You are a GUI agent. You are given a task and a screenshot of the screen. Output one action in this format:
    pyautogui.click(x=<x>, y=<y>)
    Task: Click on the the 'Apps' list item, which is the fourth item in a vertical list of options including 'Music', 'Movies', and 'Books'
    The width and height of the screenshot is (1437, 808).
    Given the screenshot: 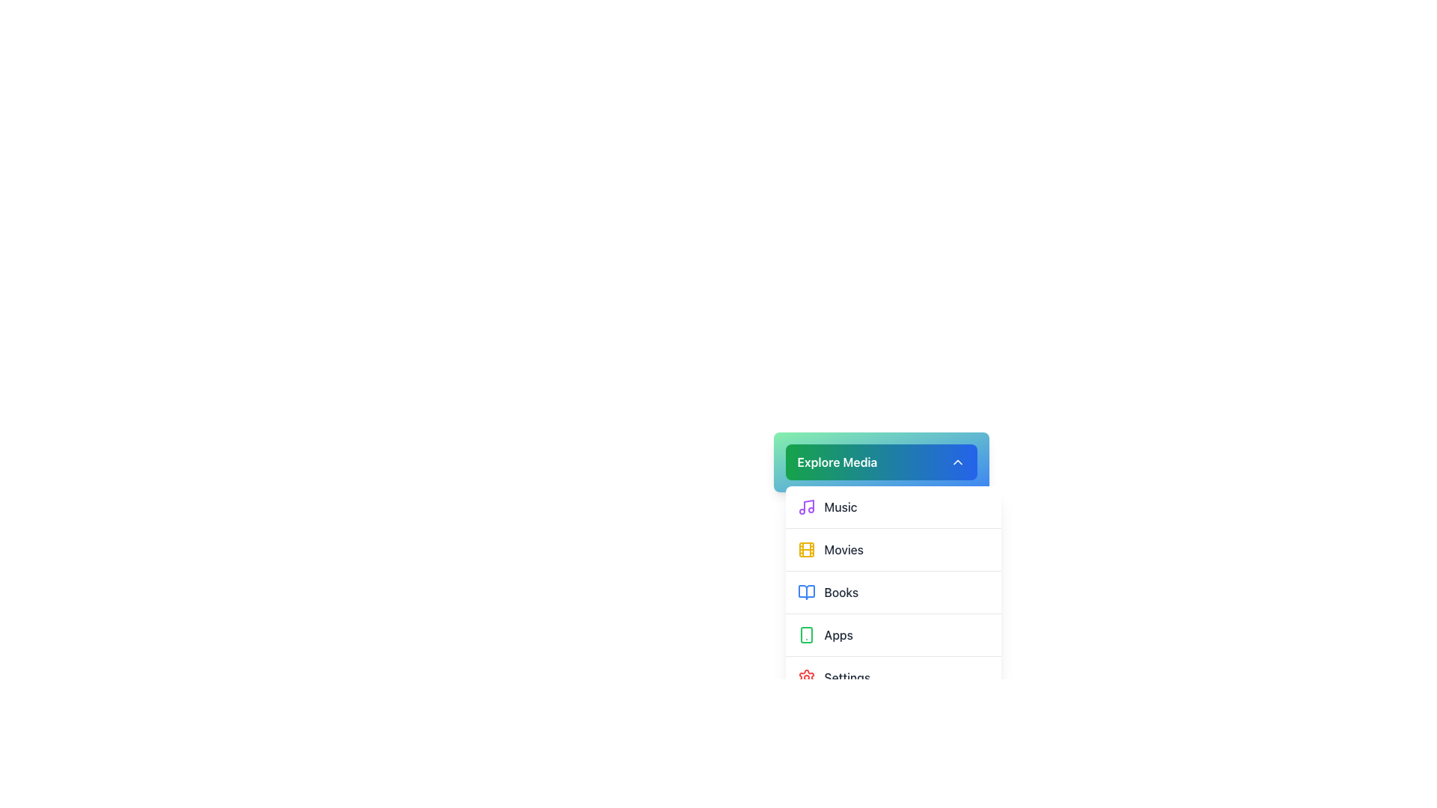 What is the action you would take?
    pyautogui.click(x=893, y=634)
    